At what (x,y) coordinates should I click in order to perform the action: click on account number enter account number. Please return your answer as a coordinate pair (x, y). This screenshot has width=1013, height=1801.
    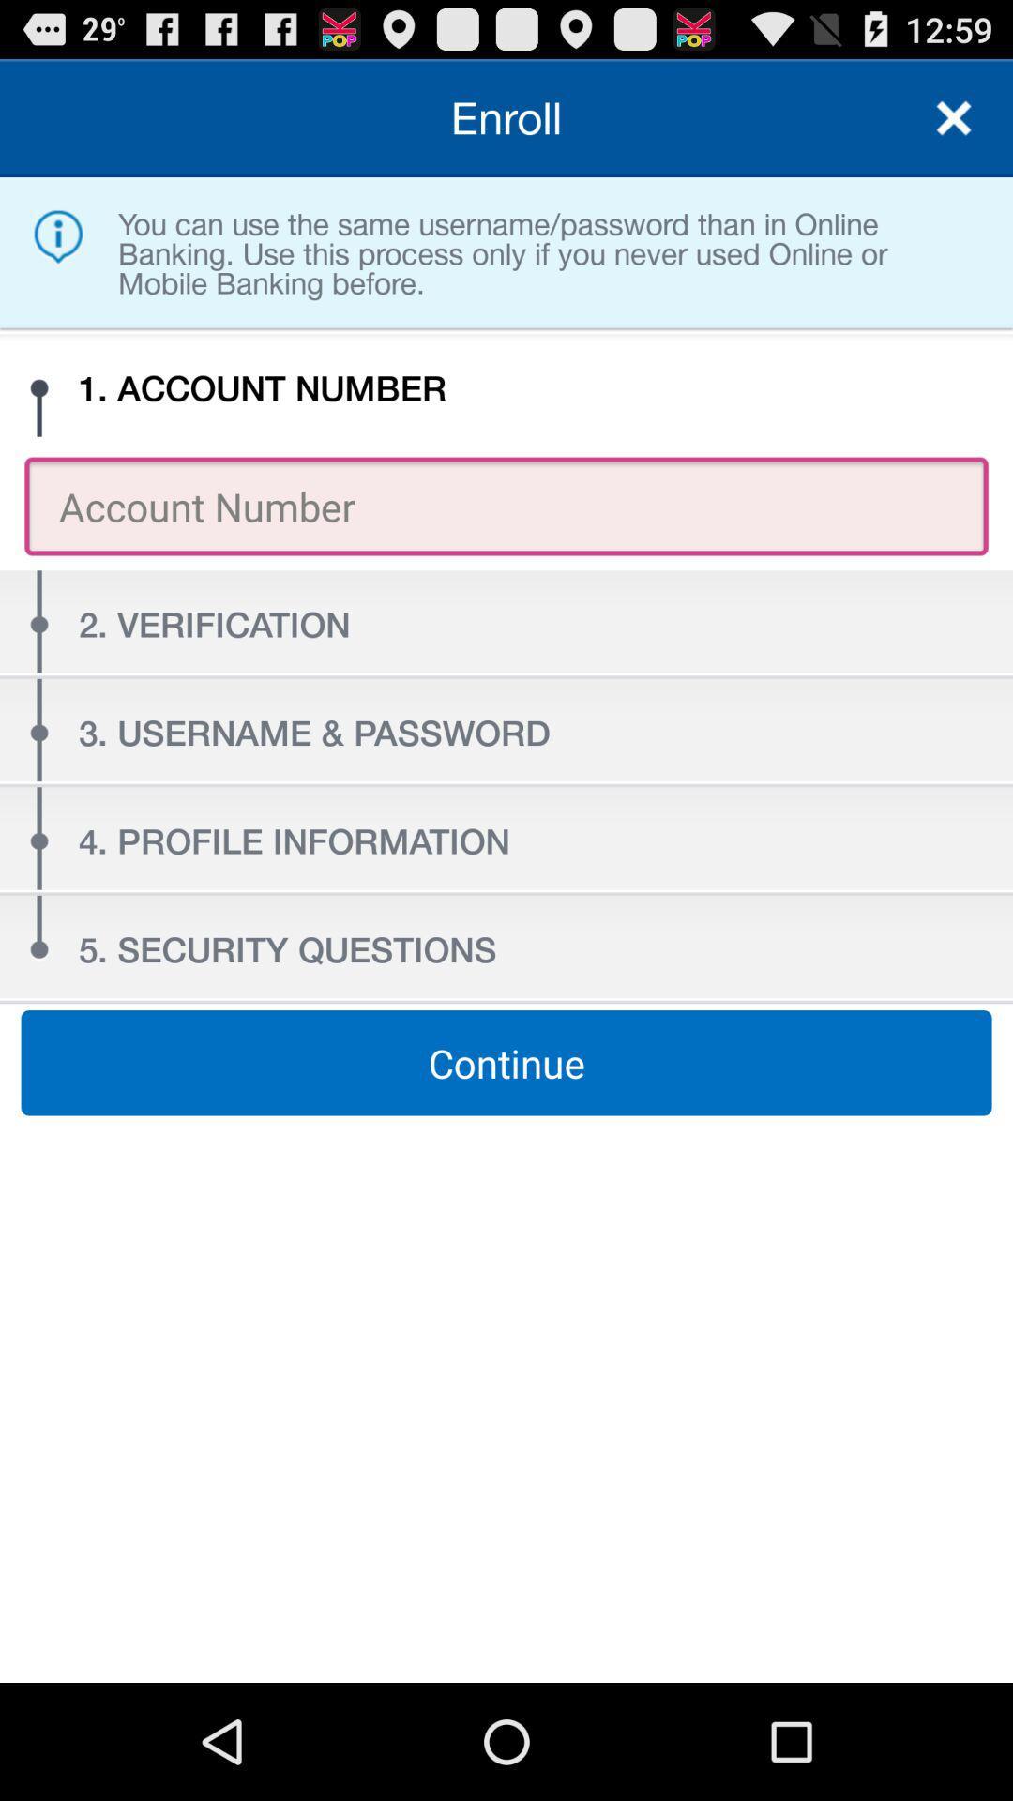
    Looking at the image, I should click on (506, 506).